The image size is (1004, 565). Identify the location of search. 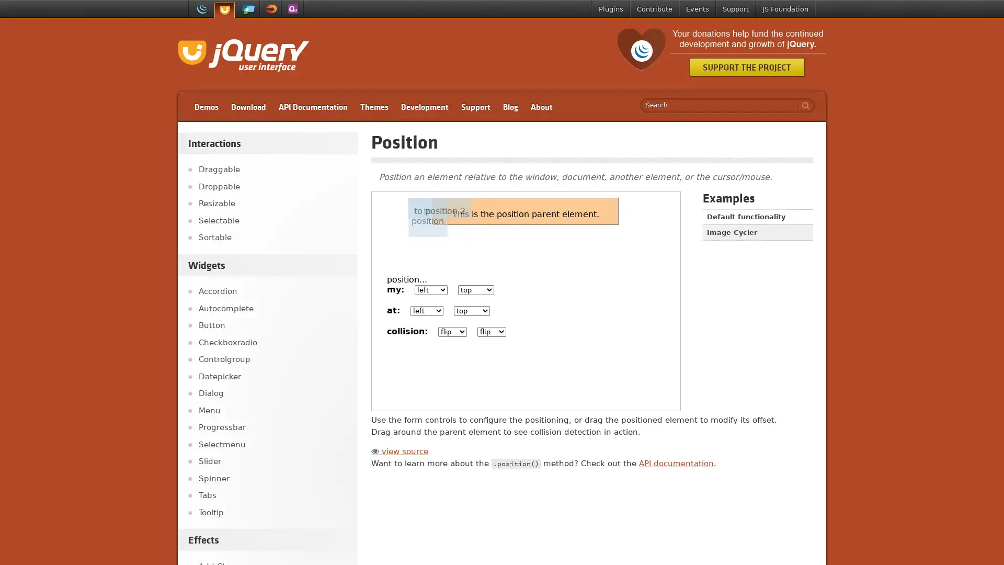
(803, 105).